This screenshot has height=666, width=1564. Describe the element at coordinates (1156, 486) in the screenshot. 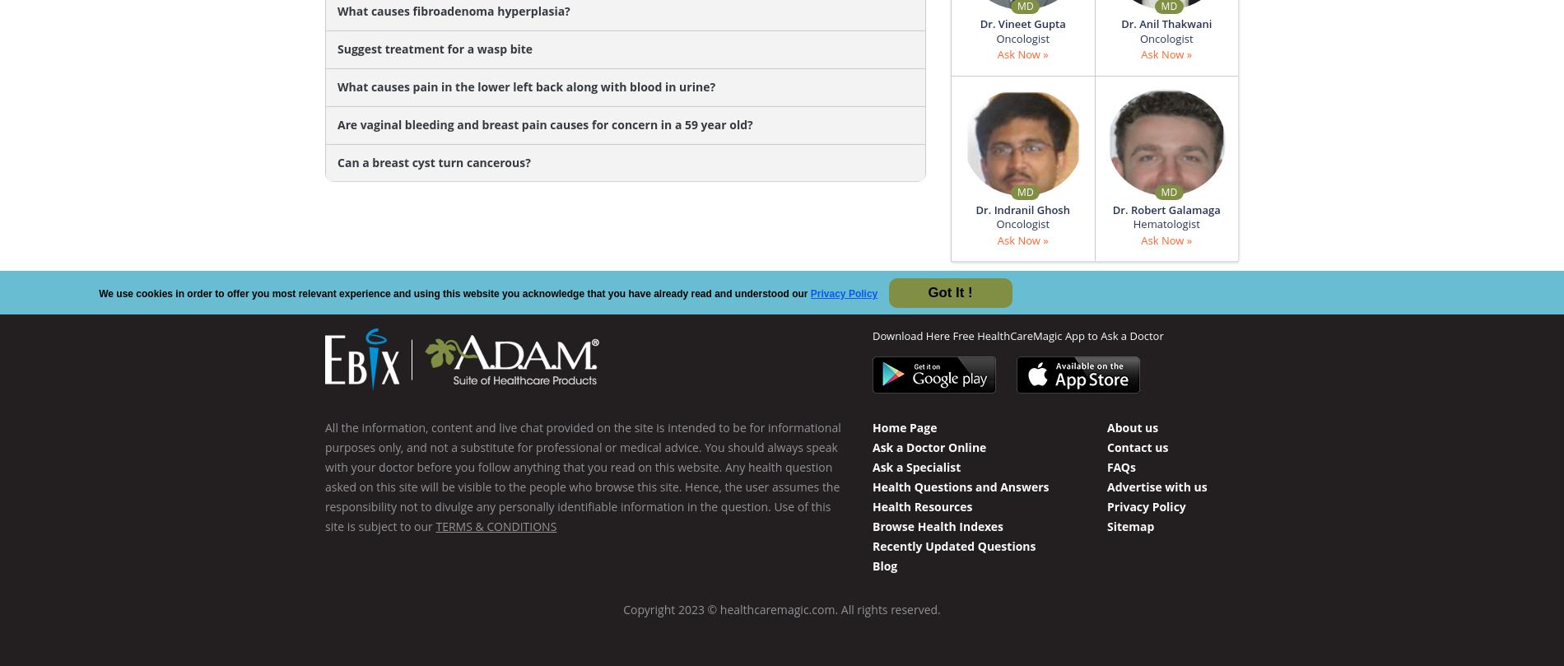

I see `'Advertise with us'` at that location.